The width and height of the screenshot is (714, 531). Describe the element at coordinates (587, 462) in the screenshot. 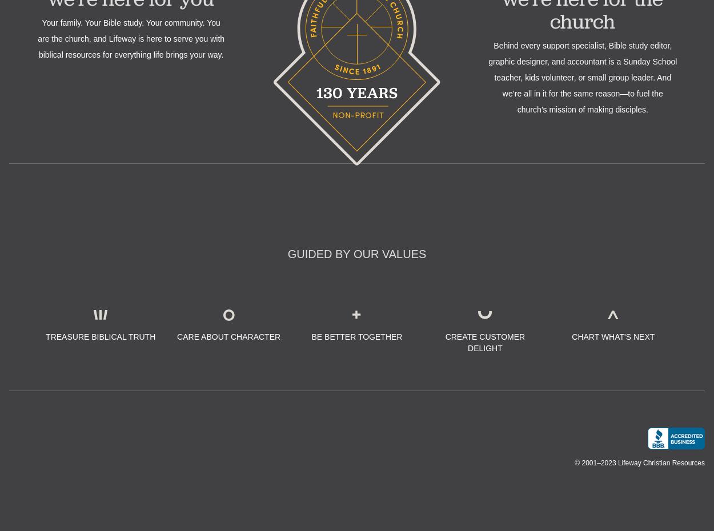

I see `'© 2001–'` at that location.